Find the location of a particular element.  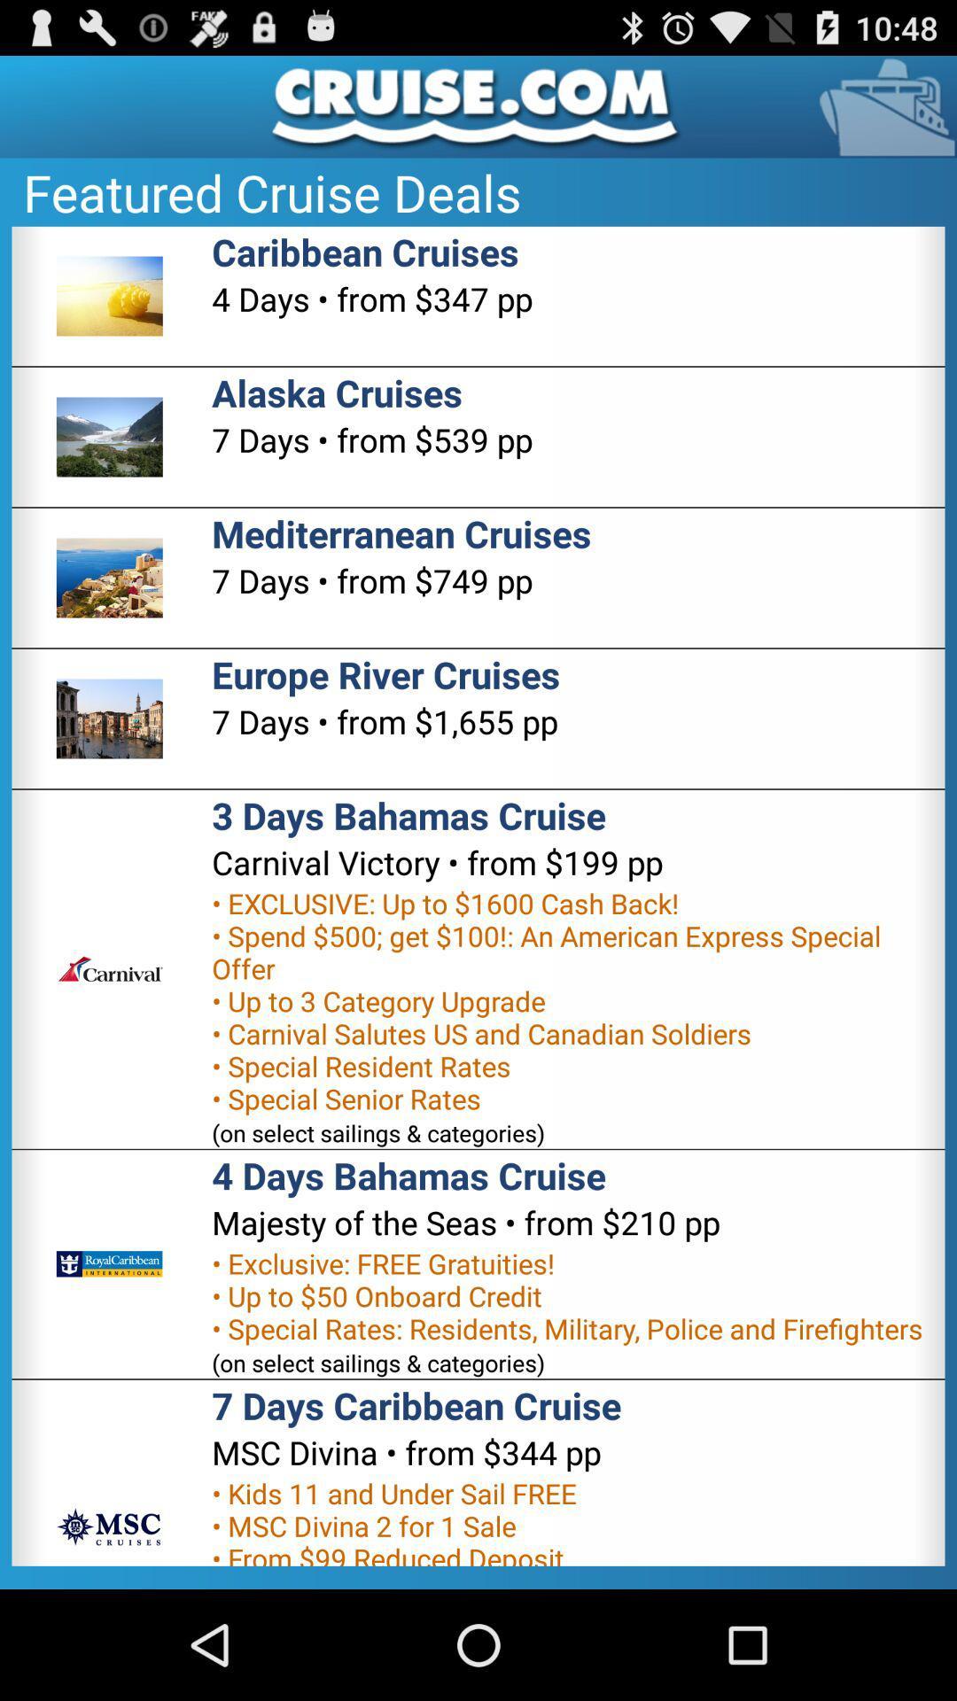

europe river cruises is located at coordinates (385, 673).